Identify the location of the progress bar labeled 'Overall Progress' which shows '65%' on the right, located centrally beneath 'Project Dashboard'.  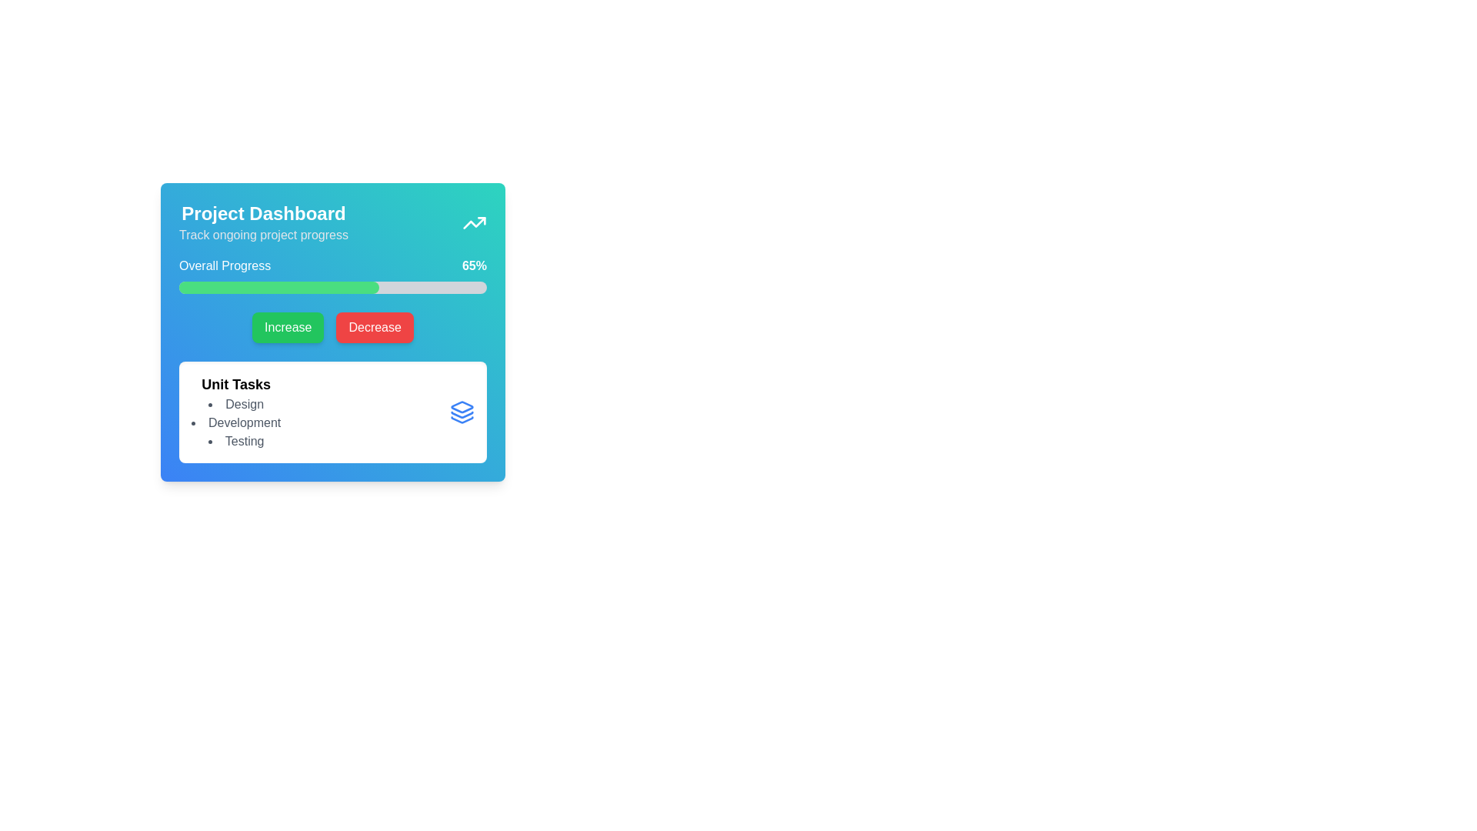
(332, 275).